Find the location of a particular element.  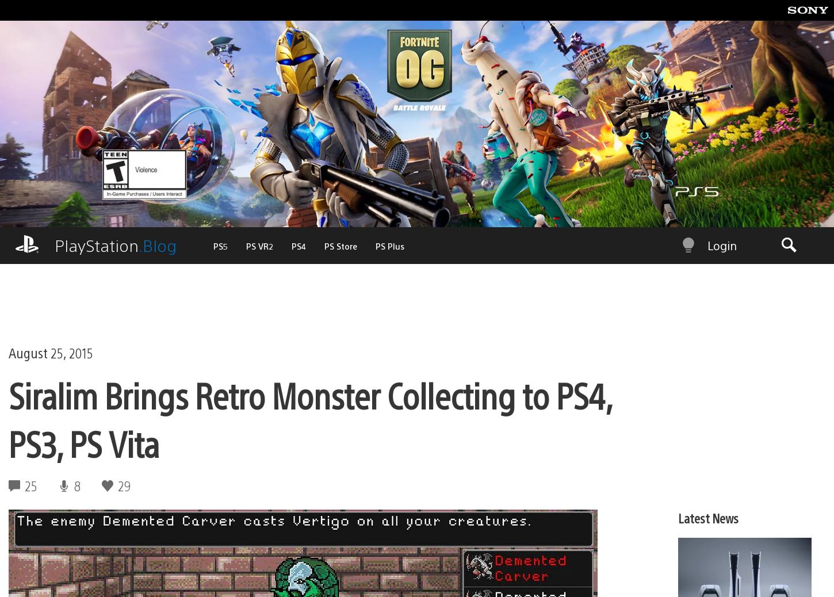

'August 25, 2015' is located at coordinates (51, 333).